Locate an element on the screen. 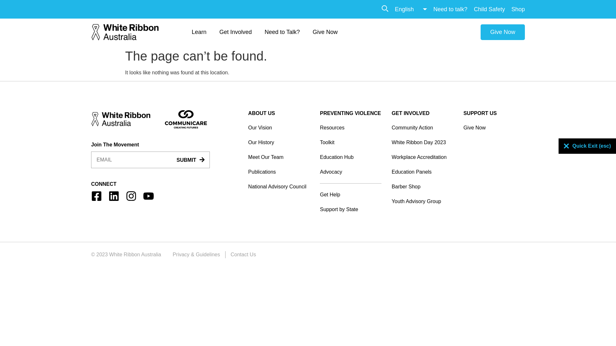  'Get Involved' is located at coordinates (235, 32).